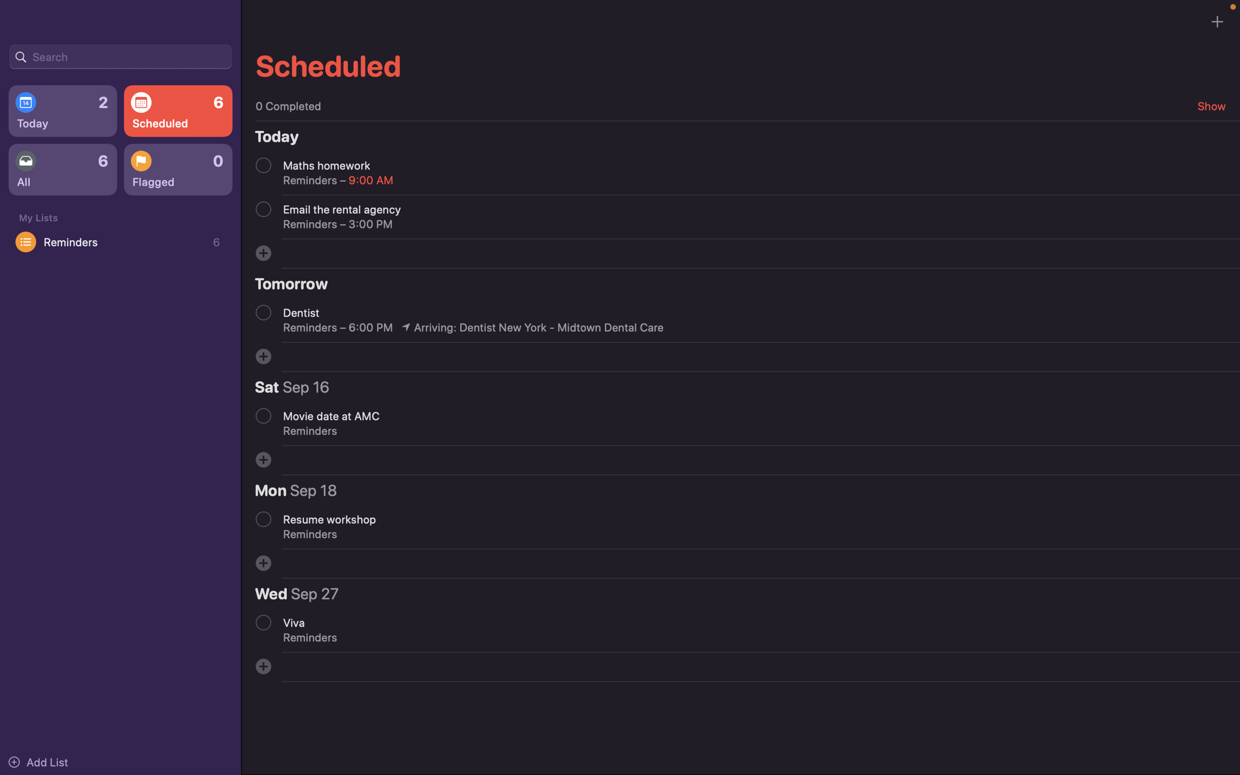  Describe the element at coordinates (62, 112) in the screenshot. I see `Show all happenings planned for today` at that location.